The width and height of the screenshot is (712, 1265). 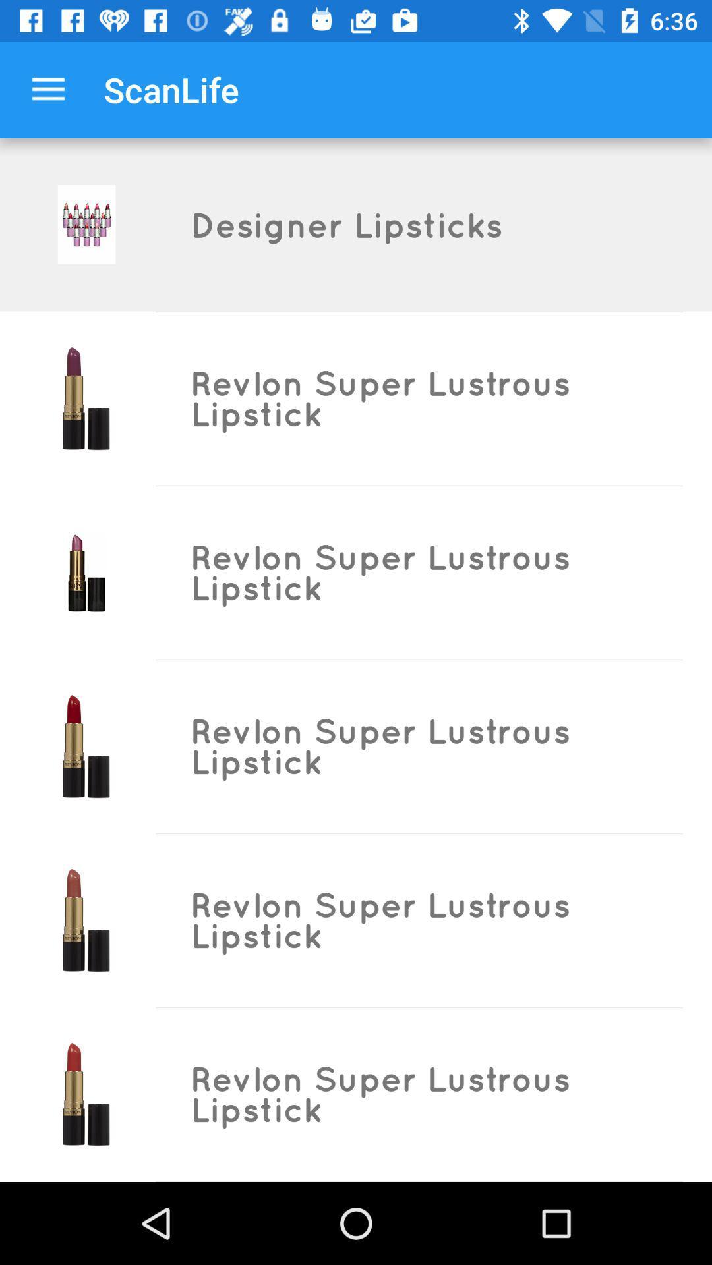 I want to click on the 2nd logo, so click(x=86, y=397).